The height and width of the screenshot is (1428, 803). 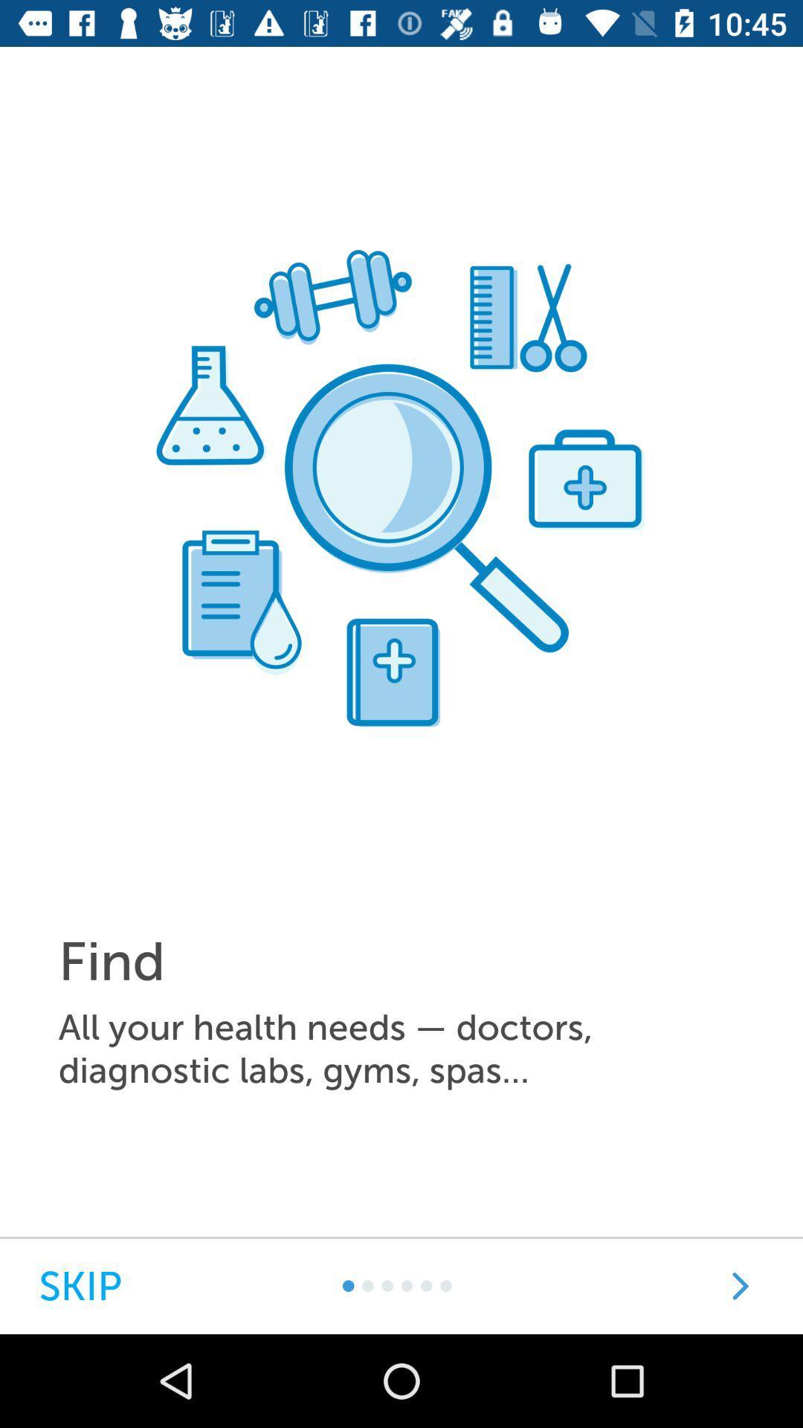 What do you see at coordinates (80, 1285) in the screenshot?
I see `the skip` at bounding box center [80, 1285].